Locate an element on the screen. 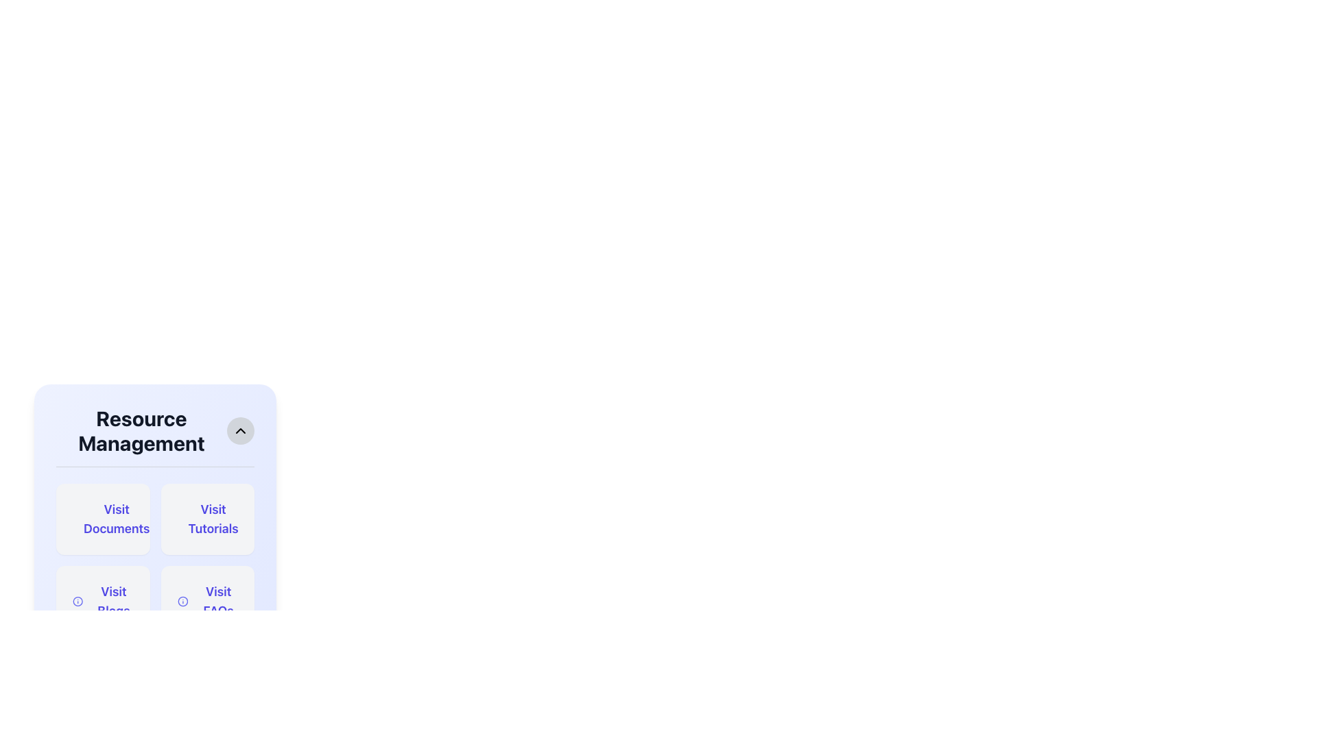  the prominently styled hyperlink labeled 'Visit Documents' located in the top-left corner of the interface under the 'Resource Management' heading is located at coordinates (117, 519).